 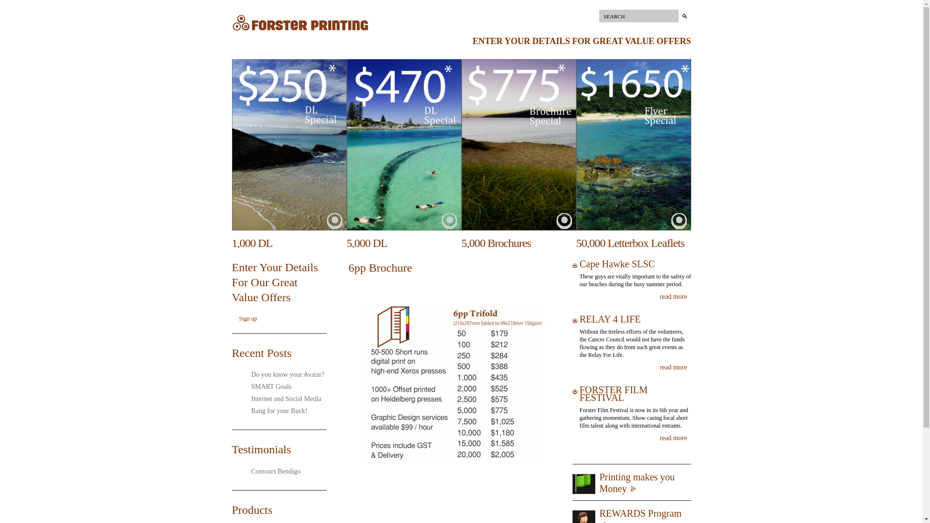 What do you see at coordinates (518, 145) in the screenshot?
I see `'banner-img3'` at bounding box center [518, 145].